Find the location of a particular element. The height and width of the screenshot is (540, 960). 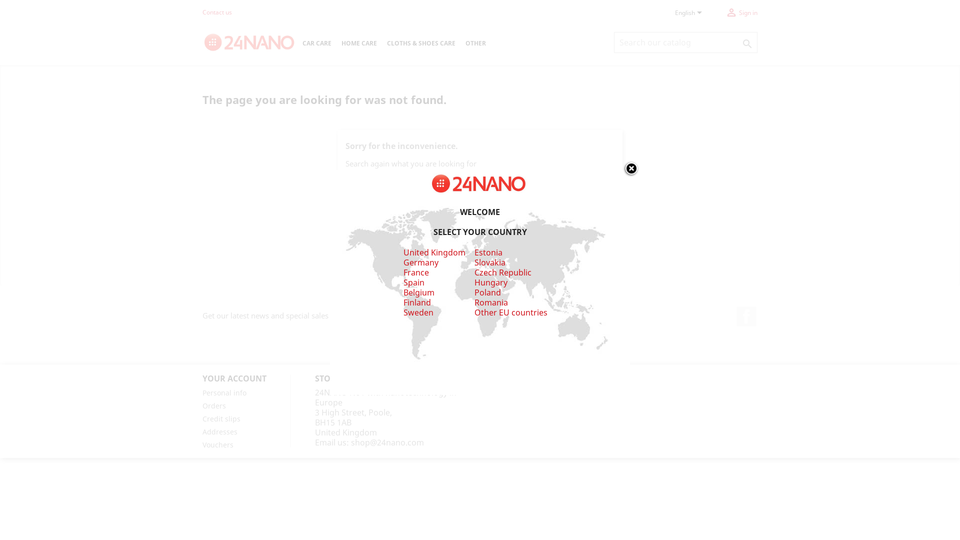

'Addresses' is located at coordinates (219, 431).